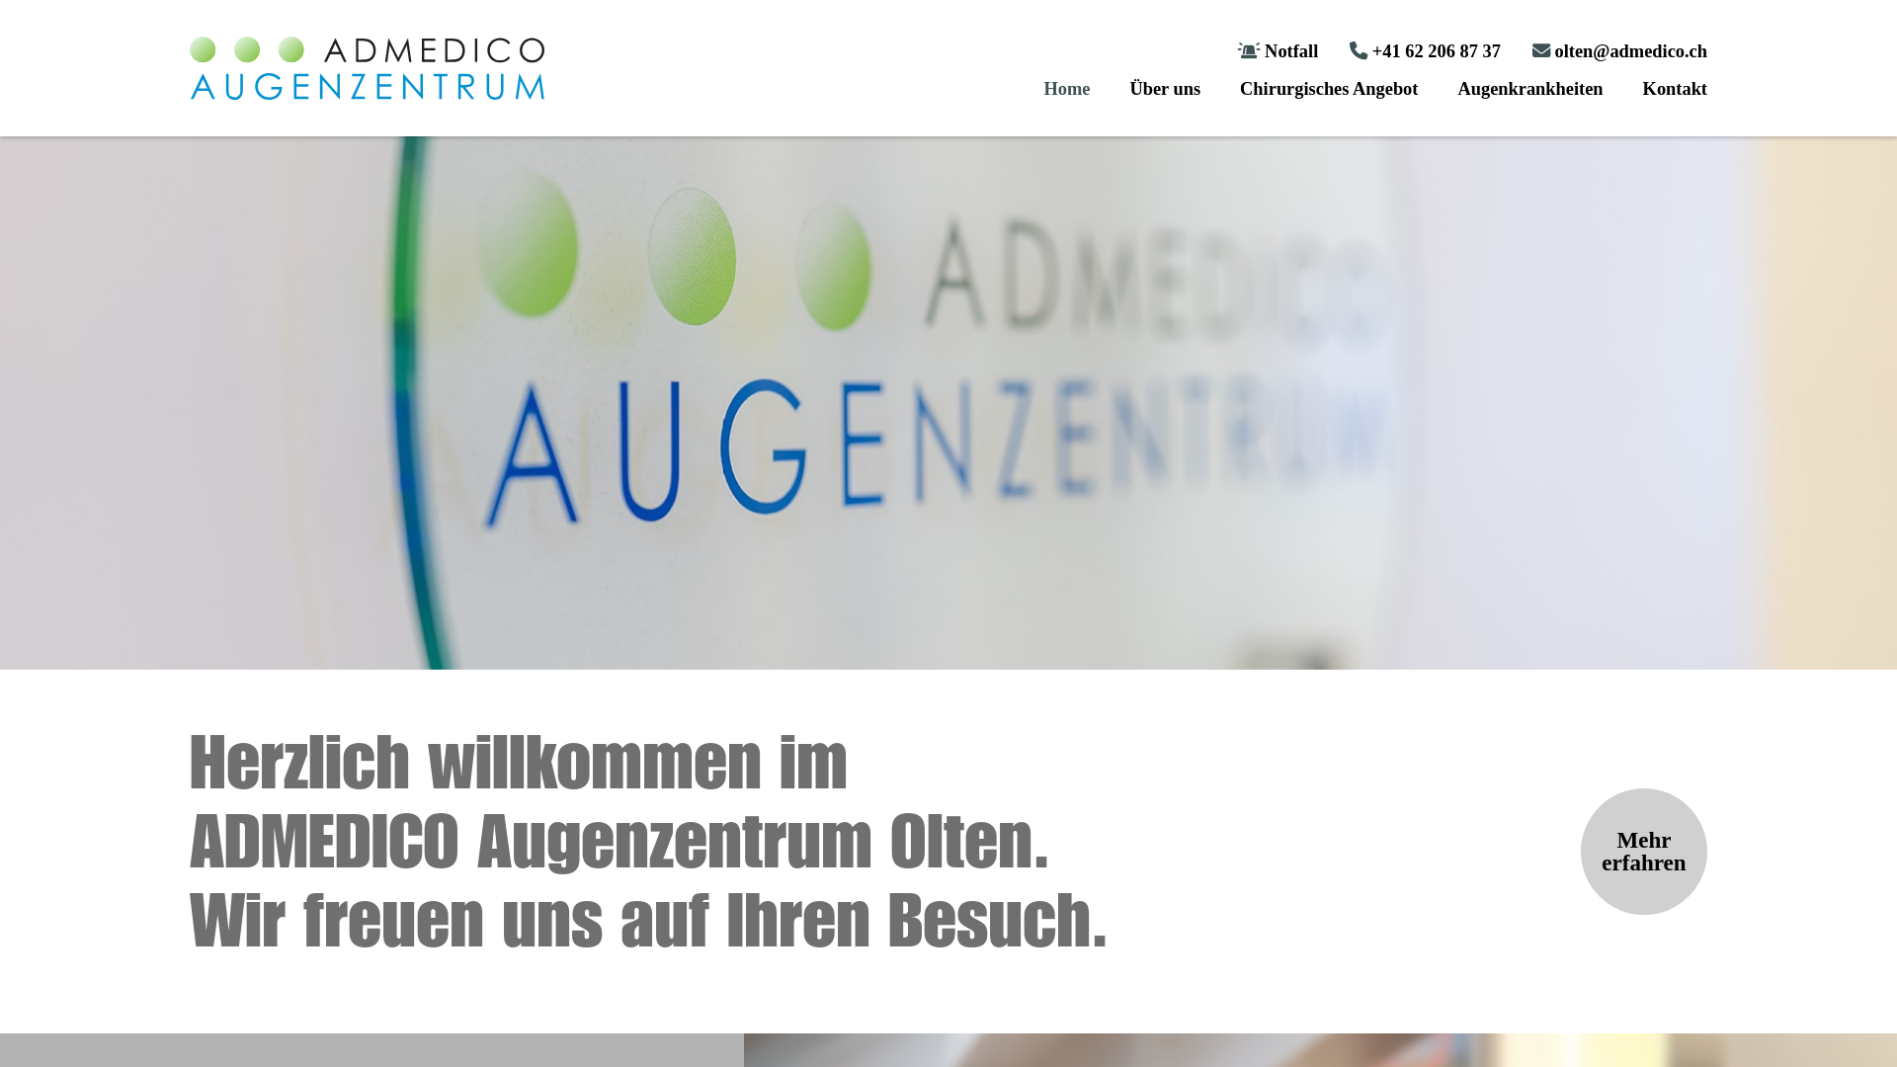  What do you see at coordinates (1528, 87) in the screenshot?
I see `'Augenkrankheiten'` at bounding box center [1528, 87].